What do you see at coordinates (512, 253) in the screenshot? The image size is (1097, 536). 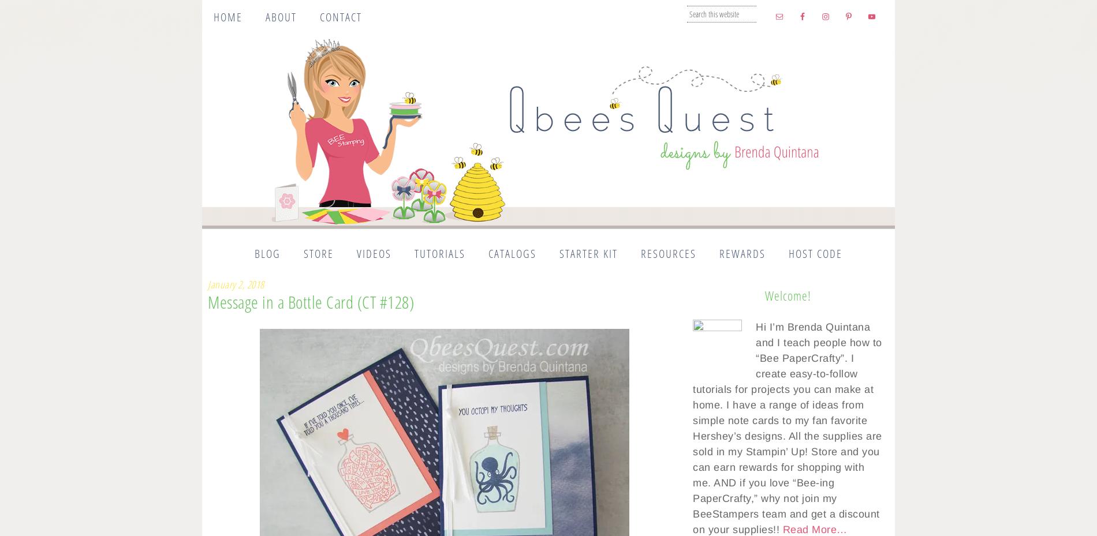 I see `'Catalogs'` at bounding box center [512, 253].